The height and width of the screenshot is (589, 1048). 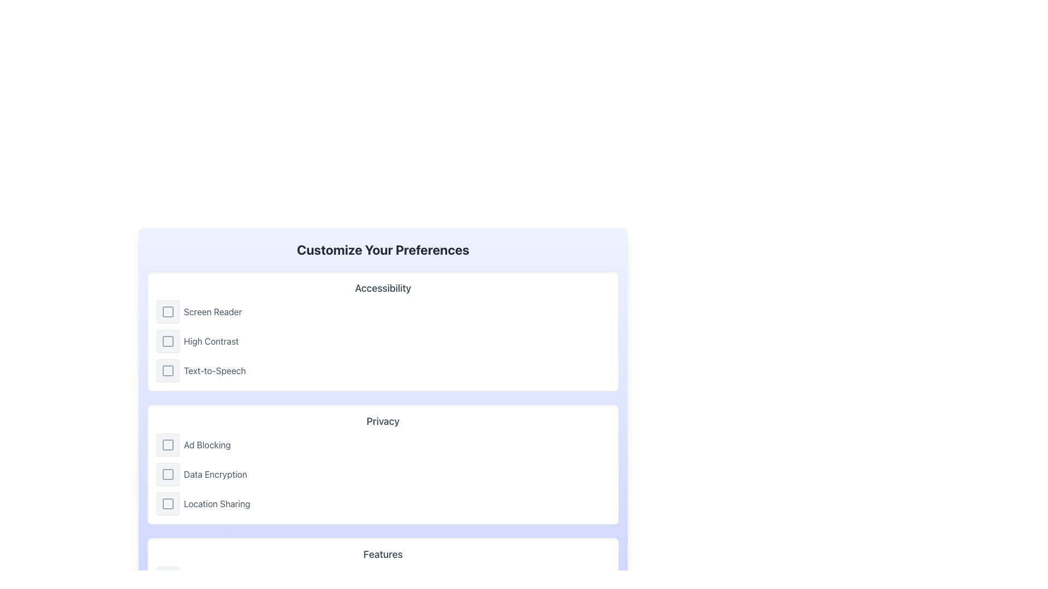 What do you see at coordinates (167, 340) in the screenshot?
I see `the checkbox located to the left of the 'High Contrast' text in the Accessibility section` at bounding box center [167, 340].